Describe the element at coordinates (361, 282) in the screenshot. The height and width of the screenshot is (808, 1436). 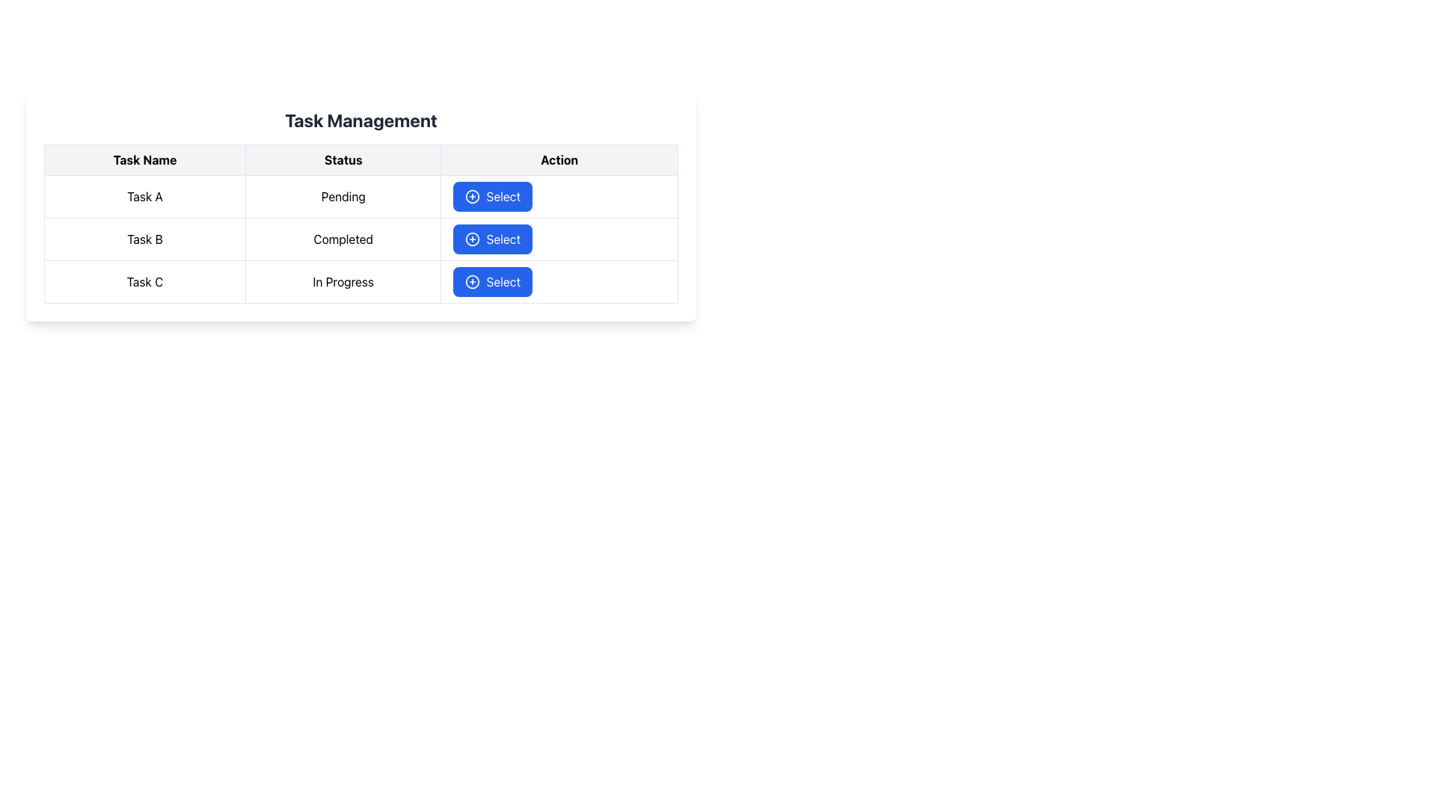
I see `the third row in the task table` at that location.